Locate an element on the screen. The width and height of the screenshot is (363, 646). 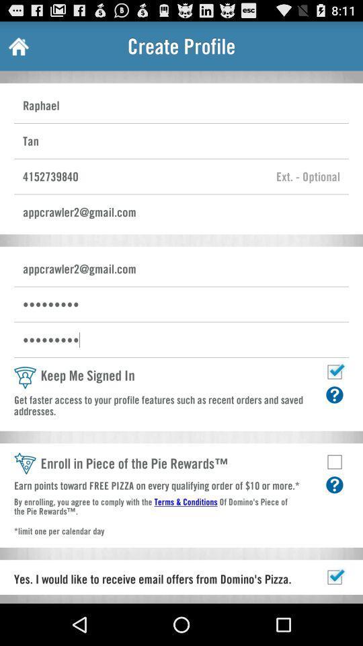
the help icon is located at coordinates (333, 518).